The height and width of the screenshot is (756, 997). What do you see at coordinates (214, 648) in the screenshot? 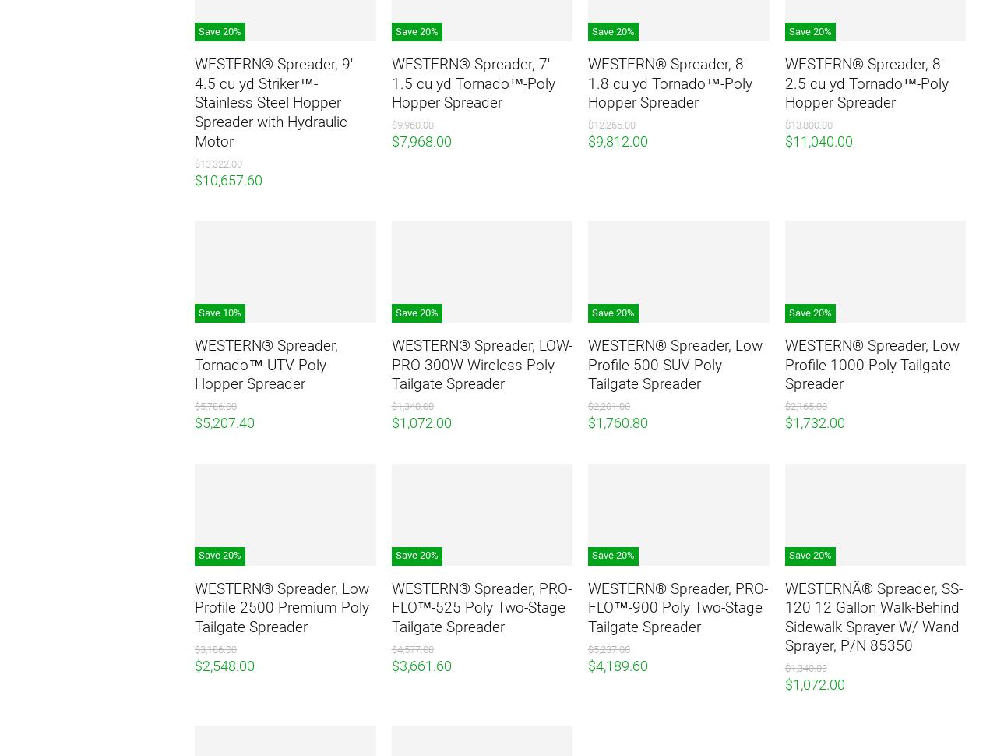
I see `'$3,186.00'` at bounding box center [214, 648].